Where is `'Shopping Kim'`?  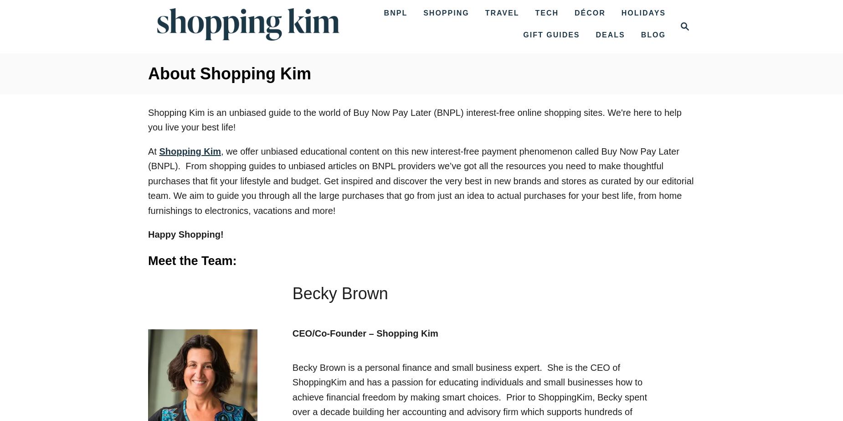
'Shopping Kim' is located at coordinates (189, 151).